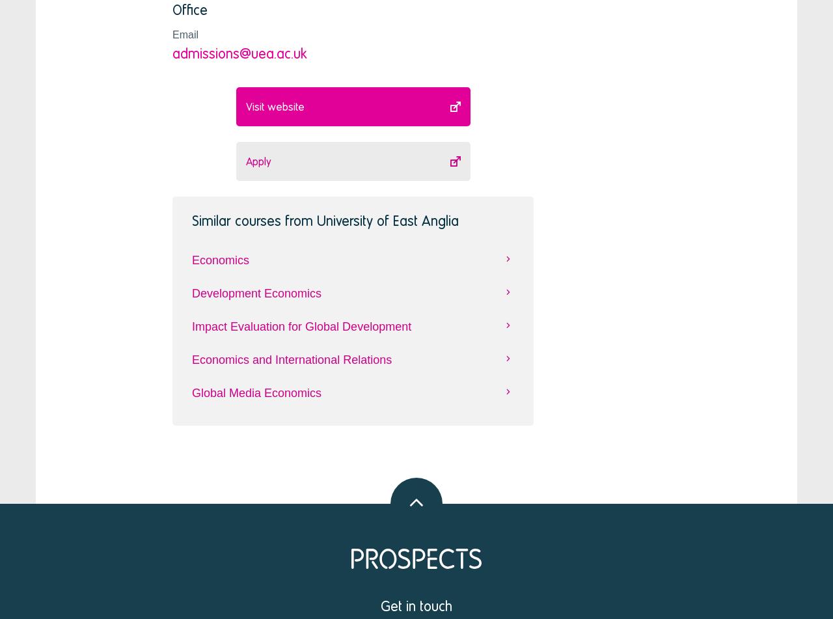 The height and width of the screenshot is (619, 833). Describe the element at coordinates (301, 325) in the screenshot. I see `'Impact Evaluation for Global Development'` at that location.